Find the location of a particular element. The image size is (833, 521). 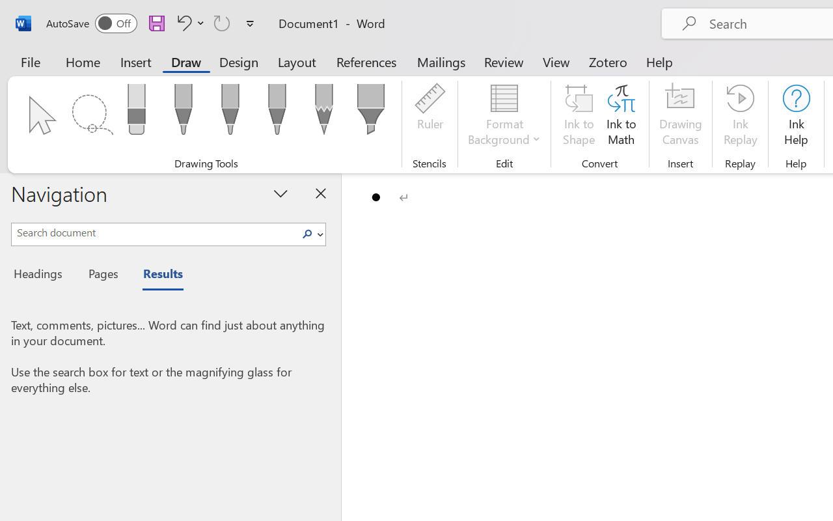

'Undo Bullet Default' is located at coordinates (188, 22).